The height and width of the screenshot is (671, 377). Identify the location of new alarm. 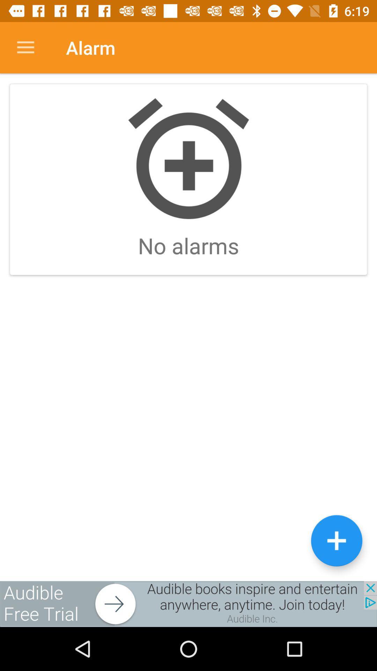
(336, 540).